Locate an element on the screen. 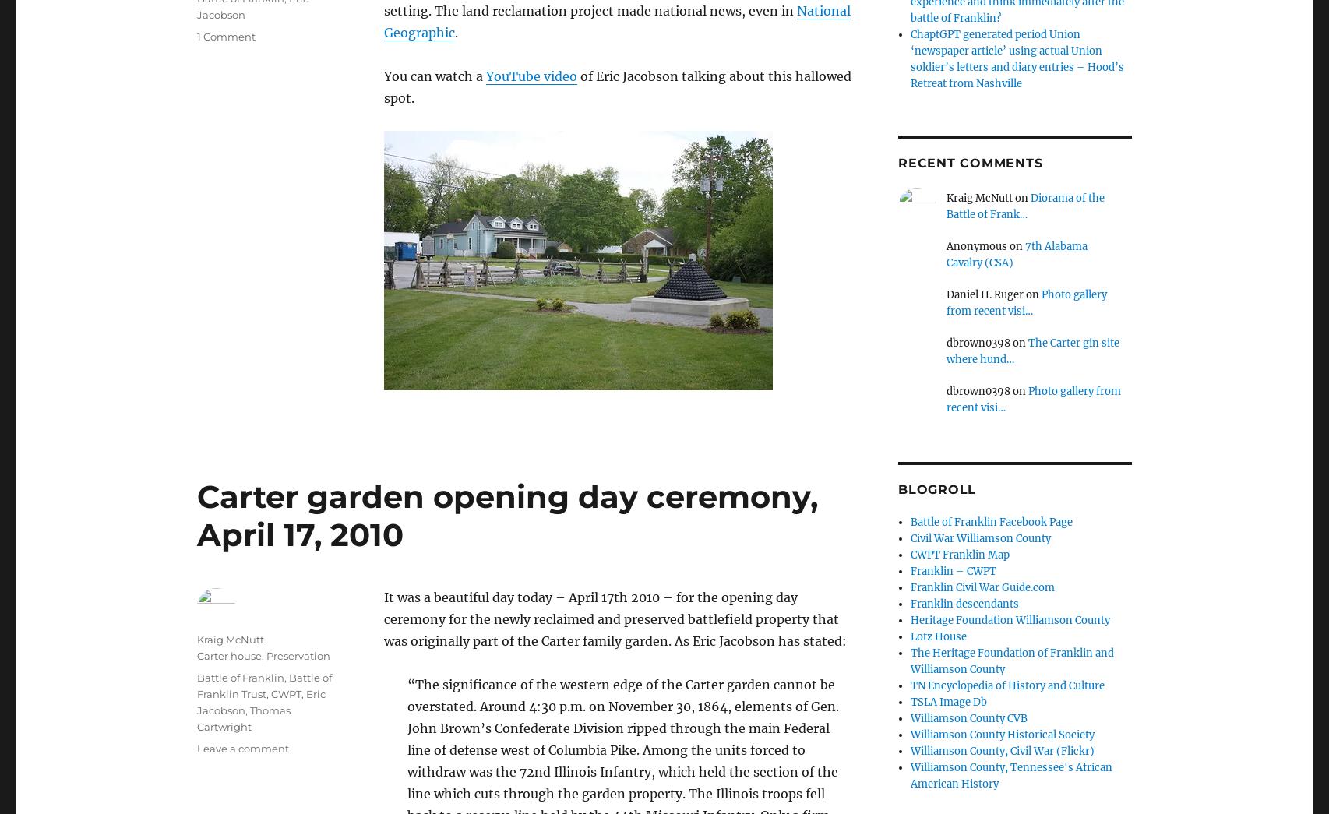 This screenshot has height=814, width=1329. 'CWPT Franklin Map' is located at coordinates (960, 554).